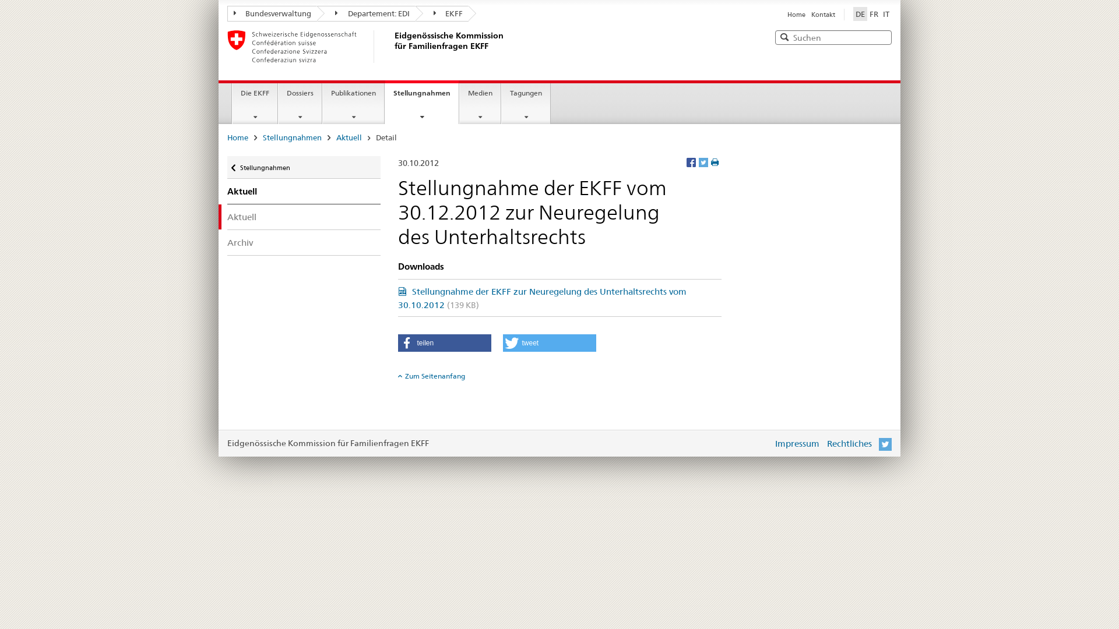 This screenshot has height=629, width=1119. I want to click on 'Aktuell', so click(304, 217).